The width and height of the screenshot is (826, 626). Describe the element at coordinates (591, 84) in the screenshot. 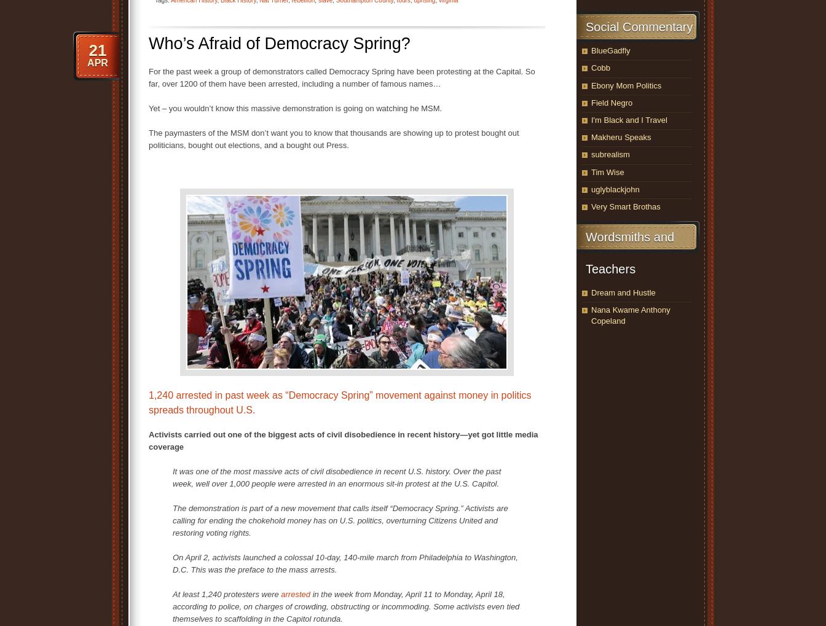

I see `'Ebony Mom Politics'` at that location.